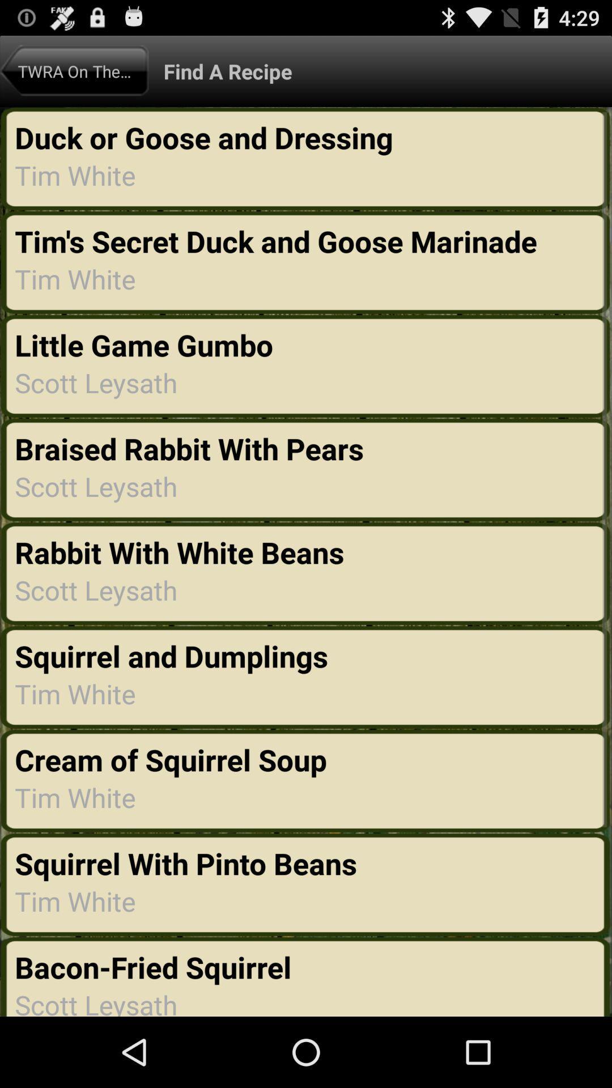 This screenshot has width=612, height=1088. What do you see at coordinates (74, 70) in the screenshot?
I see `the app to the left of the find a recipe` at bounding box center [74, 70].